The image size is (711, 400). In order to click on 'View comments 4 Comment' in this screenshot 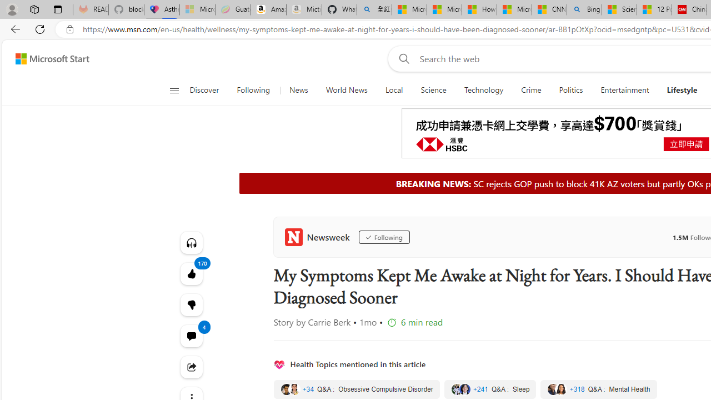, I will do `click(191, 335)`.